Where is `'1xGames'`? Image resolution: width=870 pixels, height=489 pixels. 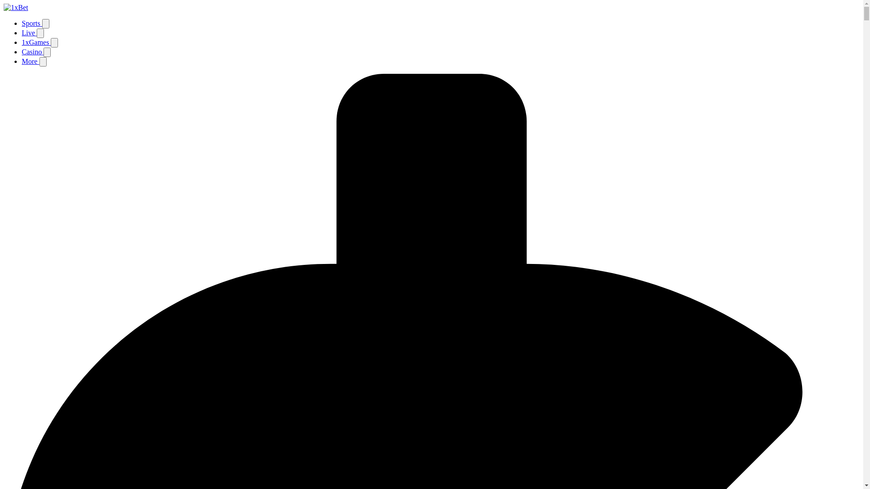
'1xGames' is located at coordinates (36, 42).